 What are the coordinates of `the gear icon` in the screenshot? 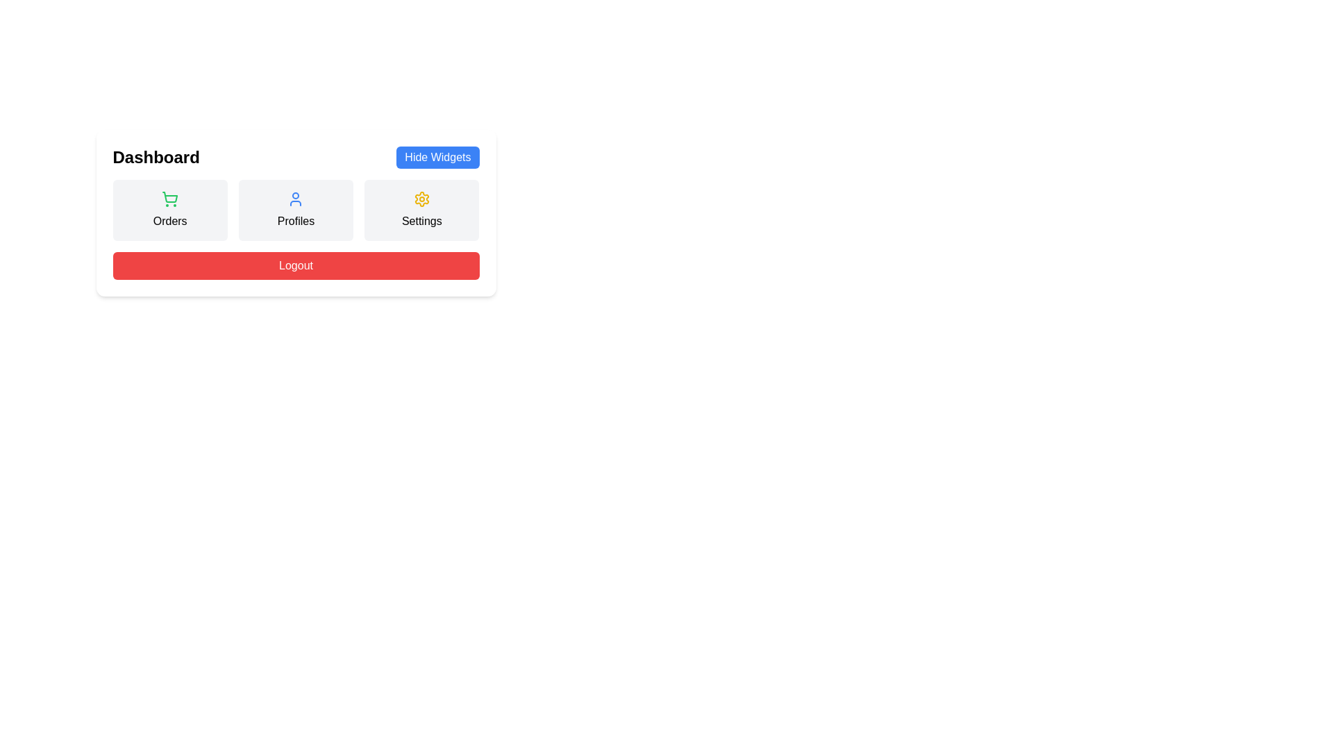 It's located at (421, 199).